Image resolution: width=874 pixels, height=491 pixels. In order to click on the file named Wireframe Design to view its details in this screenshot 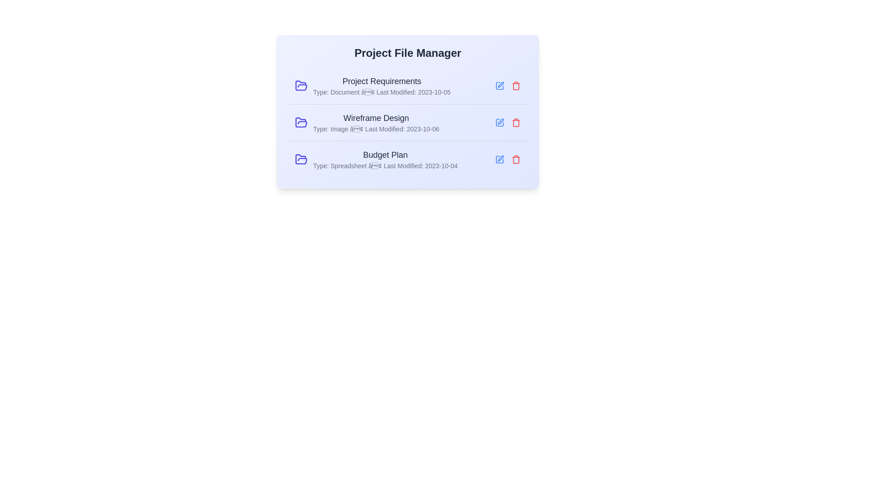, I will do `click(407, 122)`.